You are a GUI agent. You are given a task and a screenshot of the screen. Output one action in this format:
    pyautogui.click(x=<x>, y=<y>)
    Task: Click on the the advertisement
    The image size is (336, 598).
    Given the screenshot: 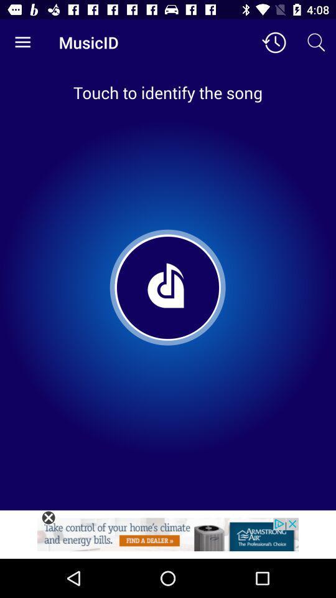 What is the action you would take?
    pyautogui.click(x=48, y=518)
    